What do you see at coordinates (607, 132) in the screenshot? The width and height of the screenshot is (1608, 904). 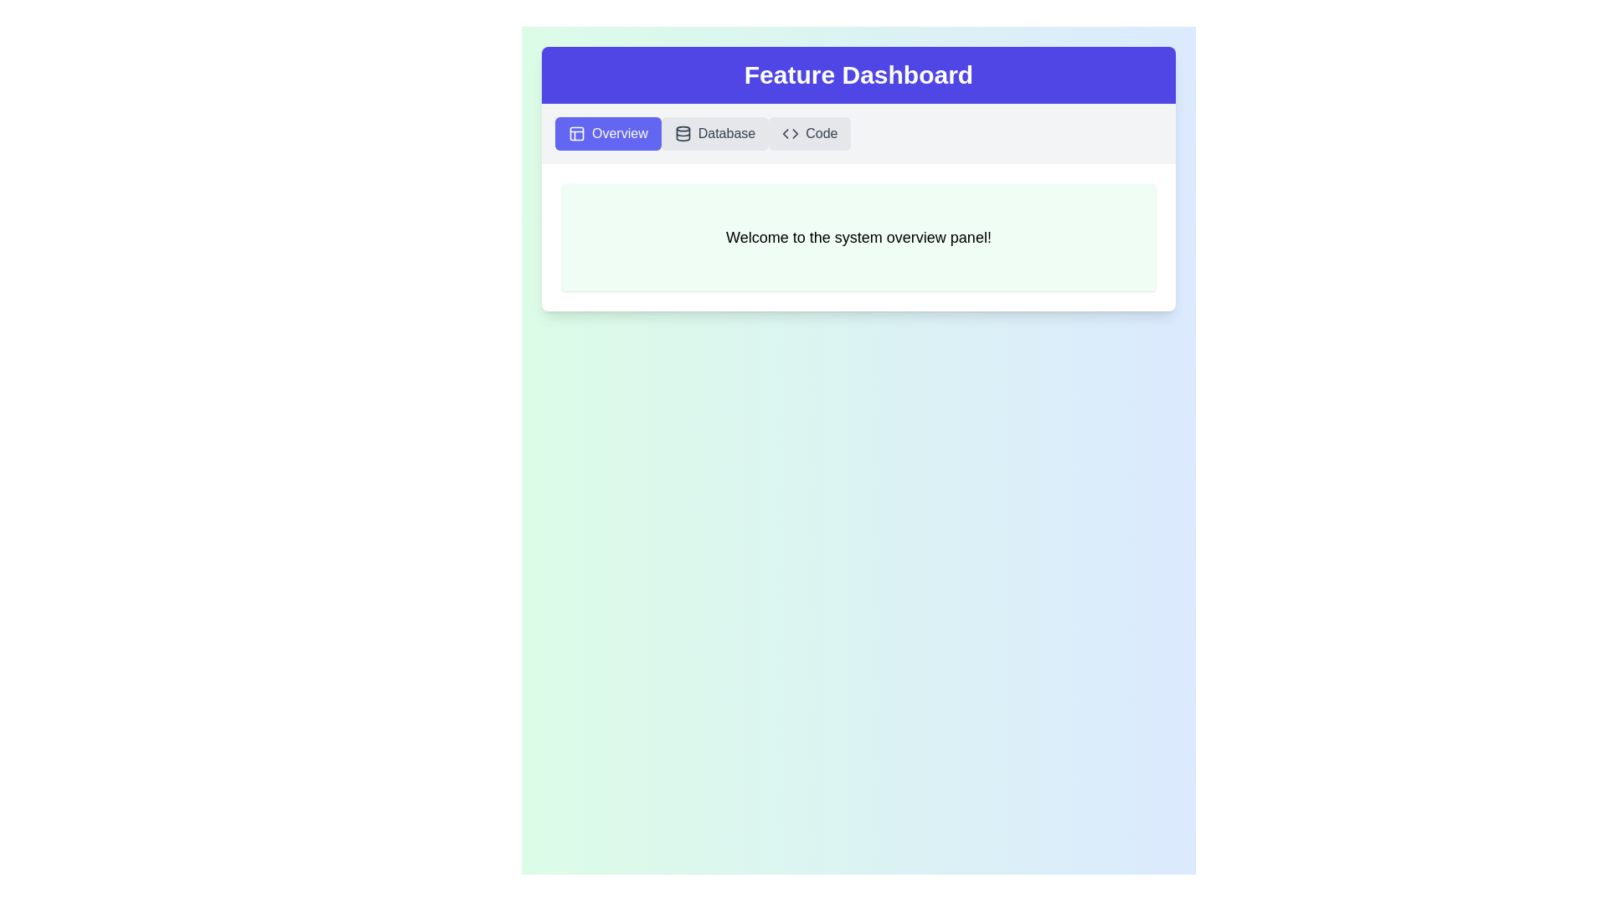 I see `the 'Overview' button` at bounding box center [607, 132].